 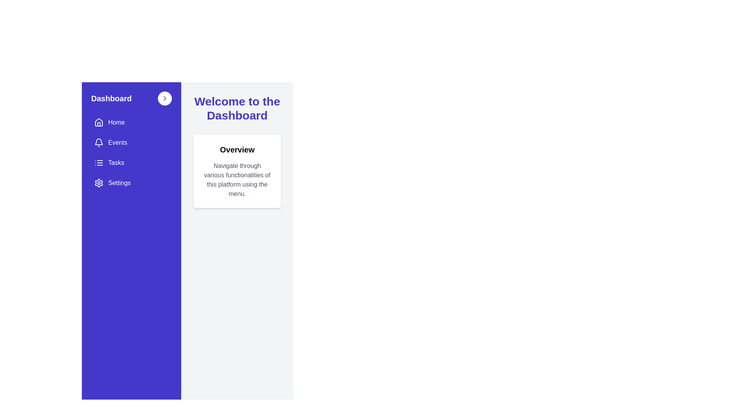 What do you see at coordinates (165, 98) in the screenshot?
I see `the small circular button with a white background and a blue chevron pointing to the right, located on the far-right side next to the 'Dashboard' title` at bounding box center [165, 98].